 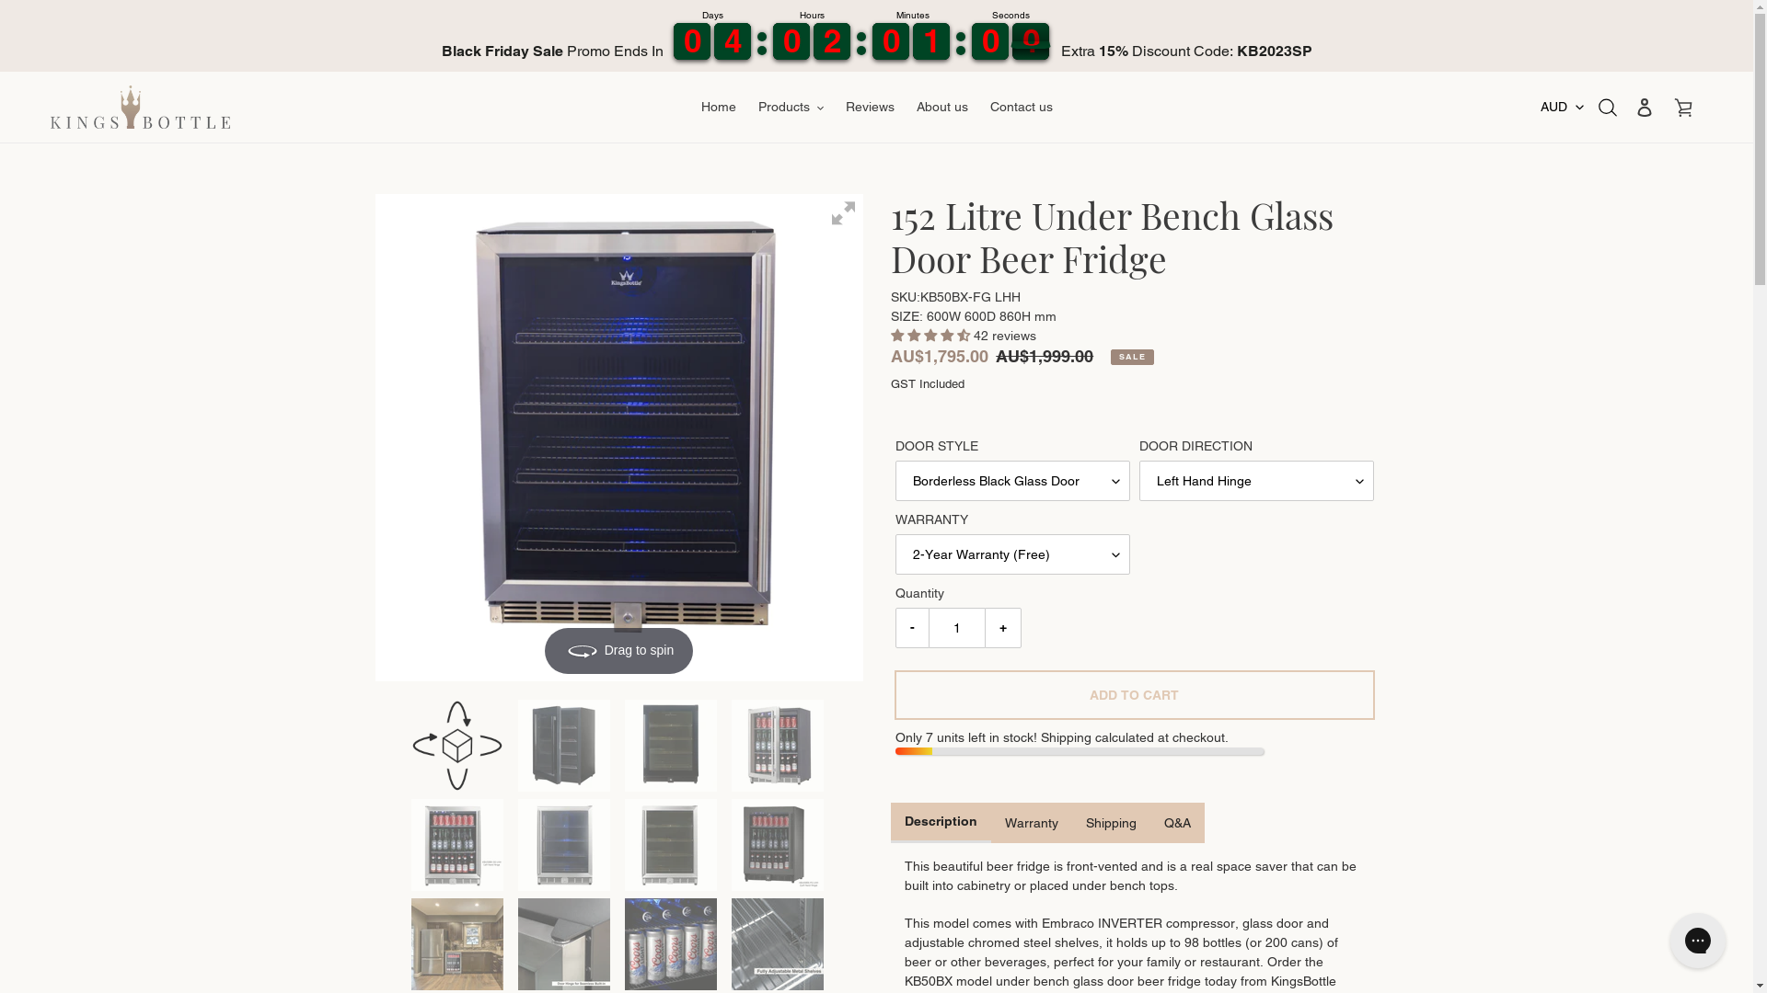 What do you see at coordinates (868, 107) in the screenshot?
I see `'Reviews'` at bounding box center [868, 107].